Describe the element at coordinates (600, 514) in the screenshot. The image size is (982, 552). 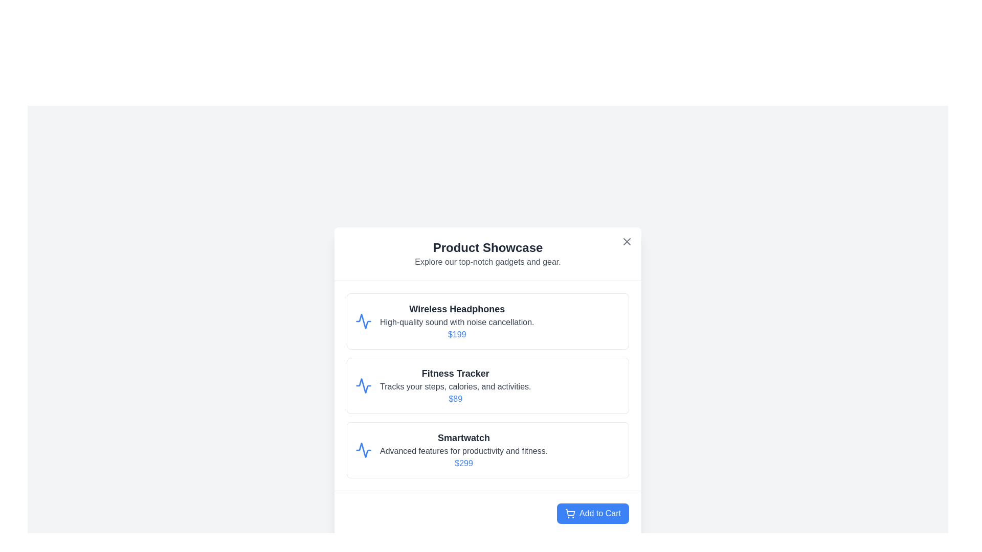
I see `the text label within the blue button at the bottom of the modal` at that location.